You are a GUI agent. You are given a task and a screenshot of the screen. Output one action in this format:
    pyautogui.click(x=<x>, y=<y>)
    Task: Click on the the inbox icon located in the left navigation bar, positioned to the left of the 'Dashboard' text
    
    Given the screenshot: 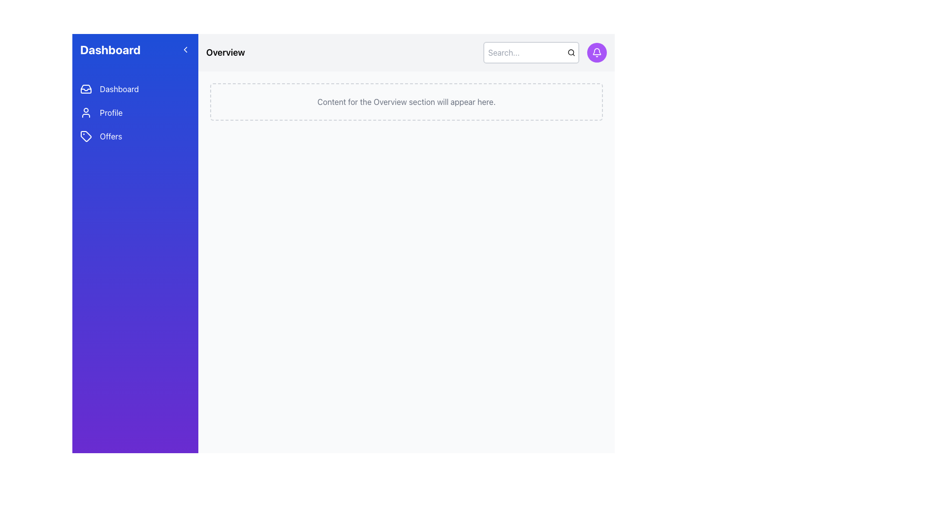 What is the action you would take?
    pyautogui.click(x=86, y=89)
    